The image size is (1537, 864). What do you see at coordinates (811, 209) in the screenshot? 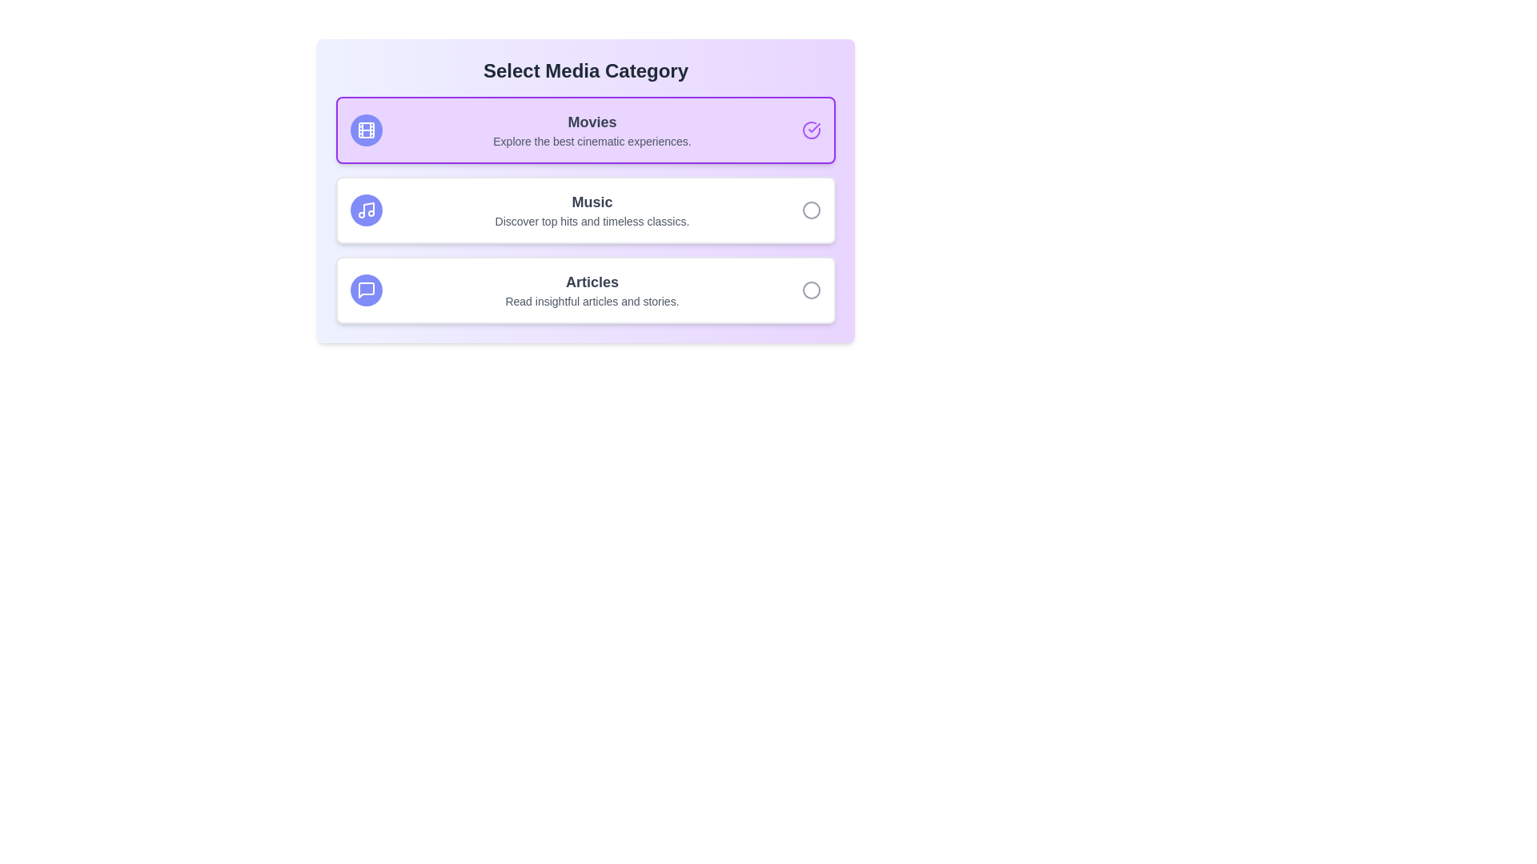
I see `the circular radio button styled with a thin gray stroke and a small filled circle` at bounding box center [811, 209].